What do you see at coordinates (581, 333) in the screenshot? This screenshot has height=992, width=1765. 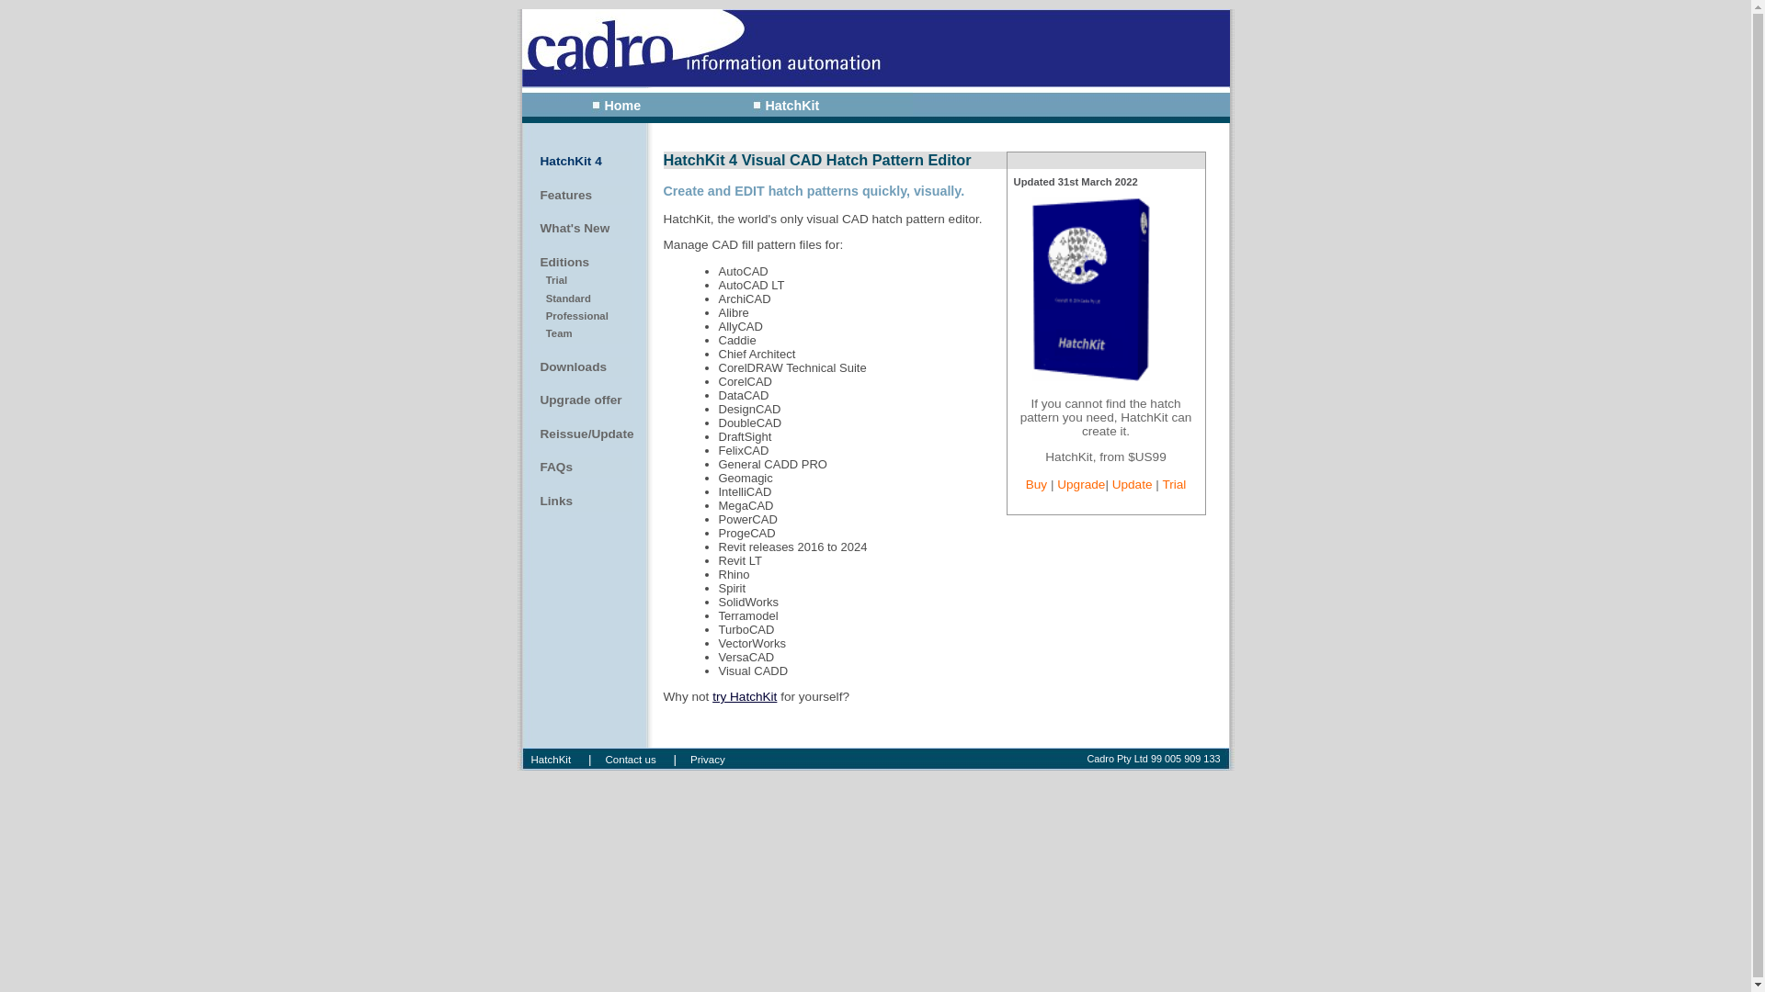 I see `'  Team'` at bounding box center [581, 333].